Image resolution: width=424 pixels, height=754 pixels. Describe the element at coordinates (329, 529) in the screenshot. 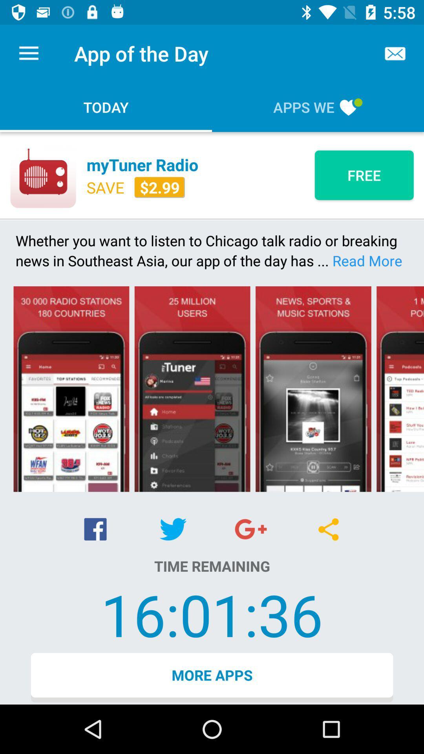

I see `item at the bottom right corner` at that location.